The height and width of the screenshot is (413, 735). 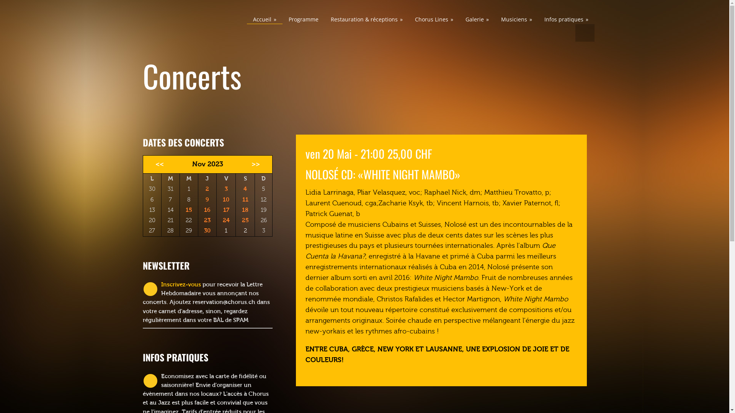 What do you see at coordinates (207, 220) in the screenshot?
I see `'23'` at bounding box center [207, 220].